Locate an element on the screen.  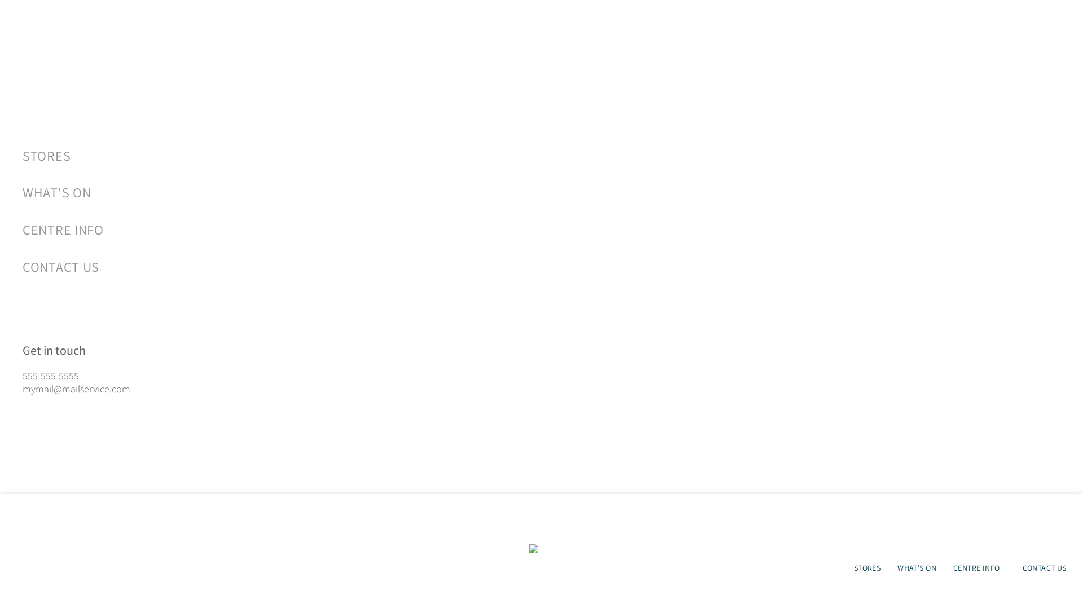
'STORES' is located at coordinates (22, 156).